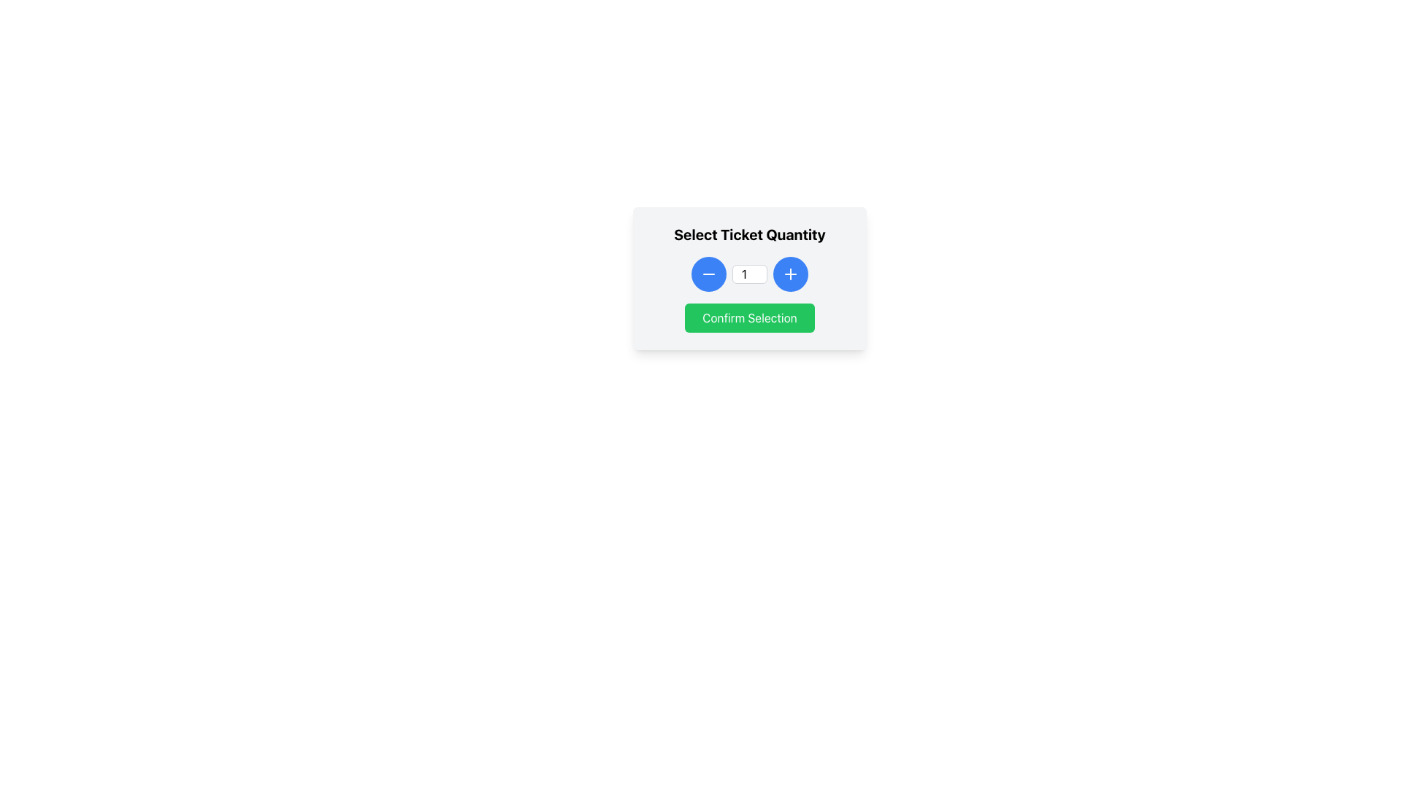 This screenshot has height=788, width=1402. I want to click on the plus sign button, which is an icon displayed in a white stroke on a blue circular background, located on the right side of the row labeled 'Select Ticket Quantity', so click(790, 274).